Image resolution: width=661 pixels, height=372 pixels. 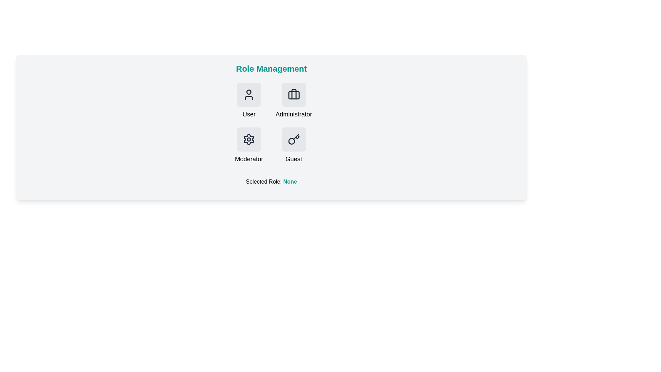 What do you see at coordinates (249, 94) in the screenshot?
I see `the button with a user icon in the 'Role Management' section` at bounding box center [249, 94].